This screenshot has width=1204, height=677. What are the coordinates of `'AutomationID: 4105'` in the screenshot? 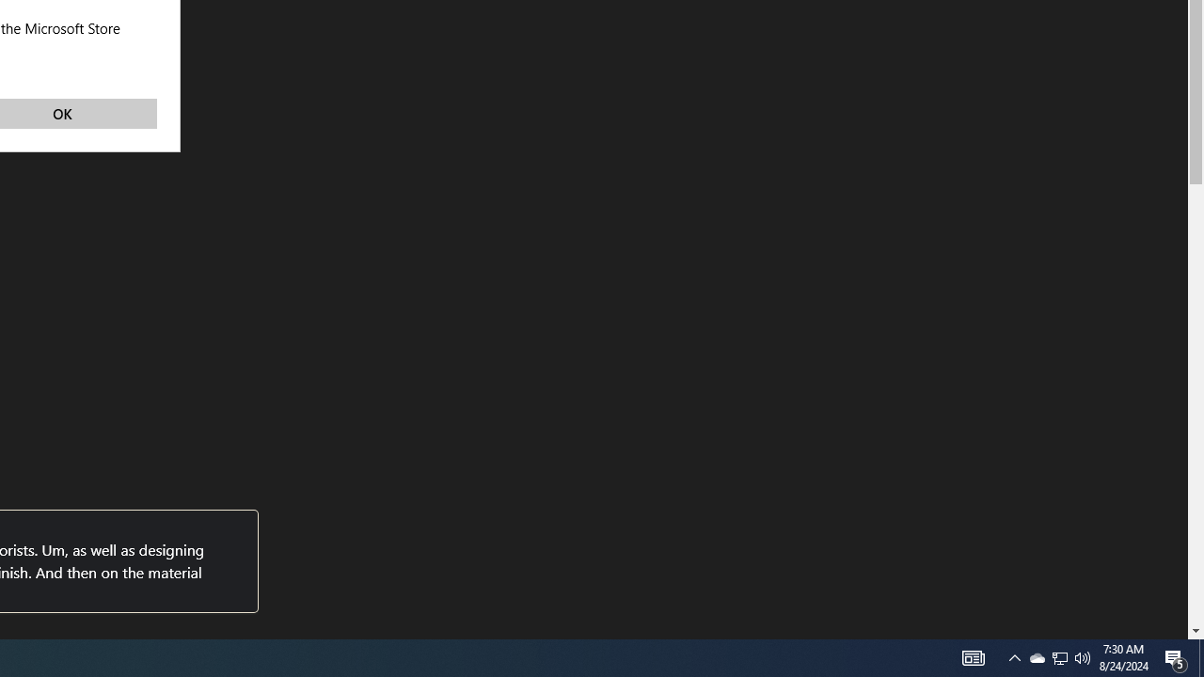 It's located at (1014, 656).